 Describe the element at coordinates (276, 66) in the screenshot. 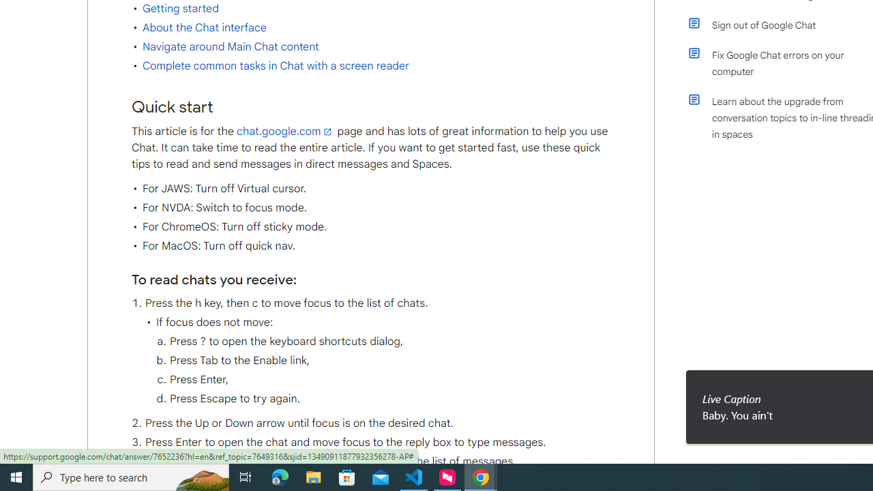

I see `'Complete common tasks in Chat with a screen reader'` at that location.